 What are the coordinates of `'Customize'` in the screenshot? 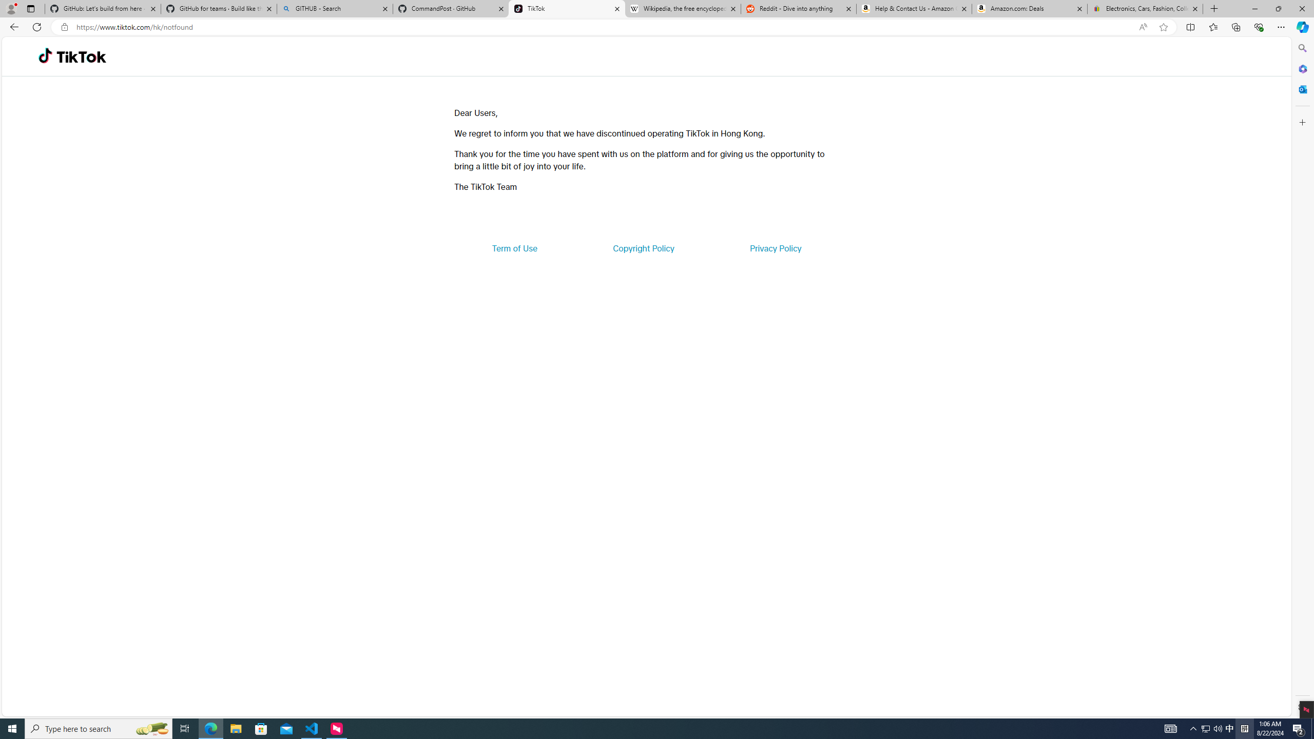 It's located at (1301, 122).